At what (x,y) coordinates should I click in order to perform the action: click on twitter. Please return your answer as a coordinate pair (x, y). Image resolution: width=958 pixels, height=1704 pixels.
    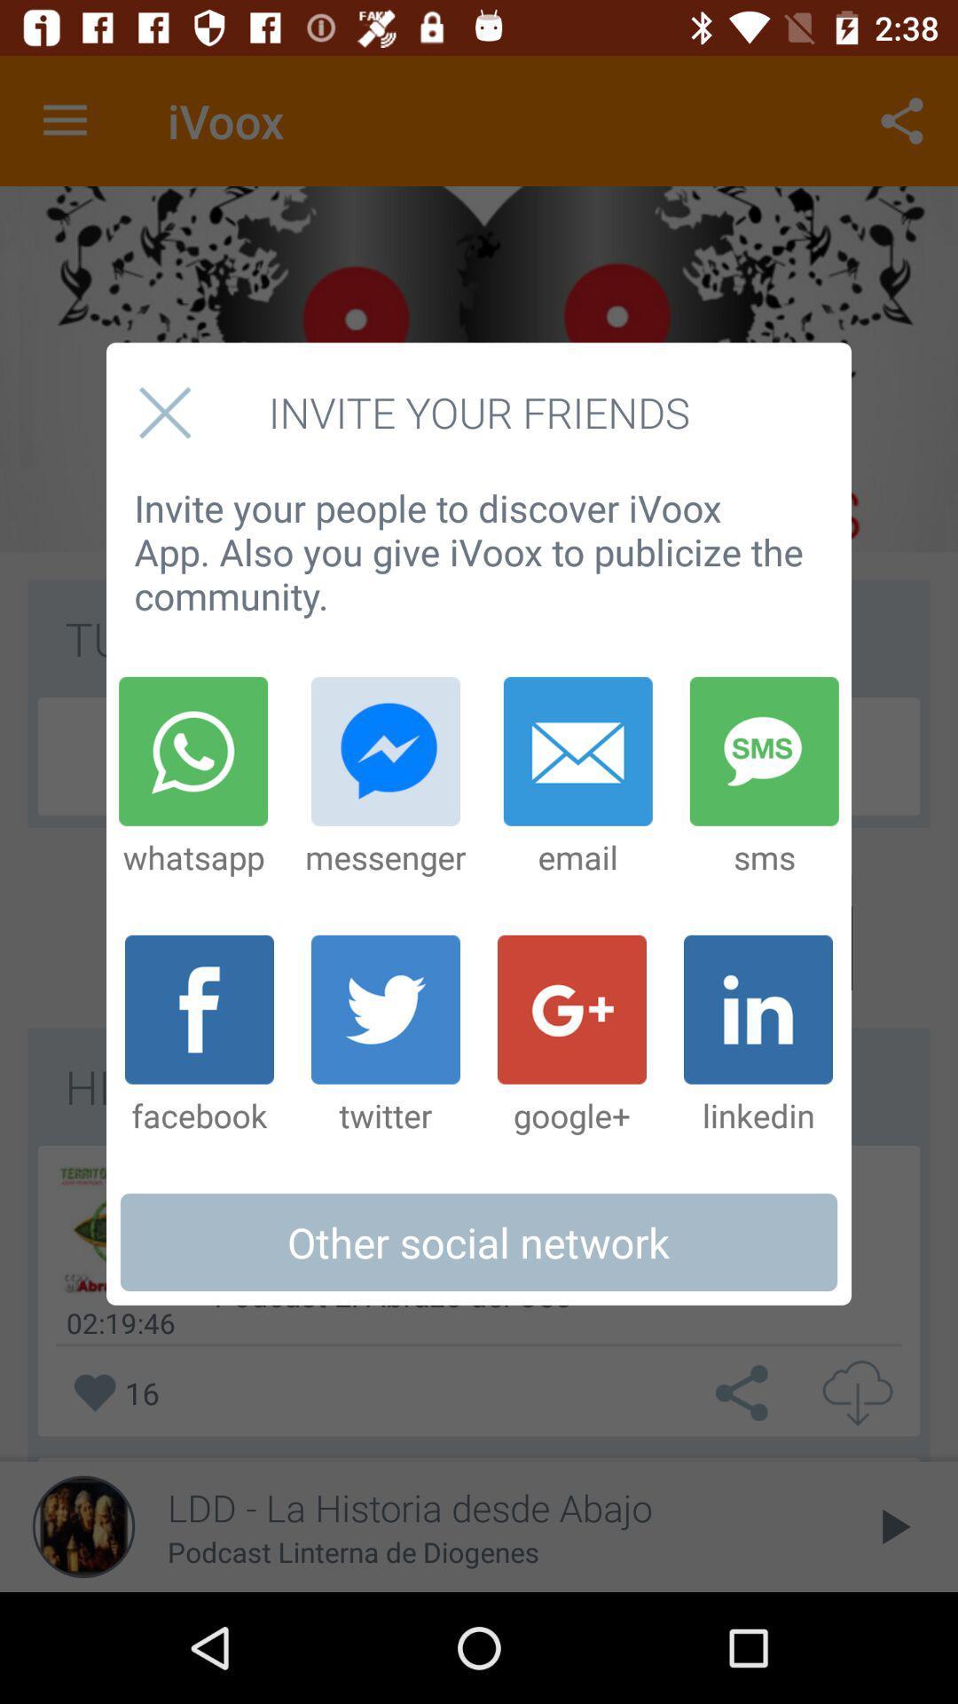
    Looking at the image, I should click on (385, 1036).